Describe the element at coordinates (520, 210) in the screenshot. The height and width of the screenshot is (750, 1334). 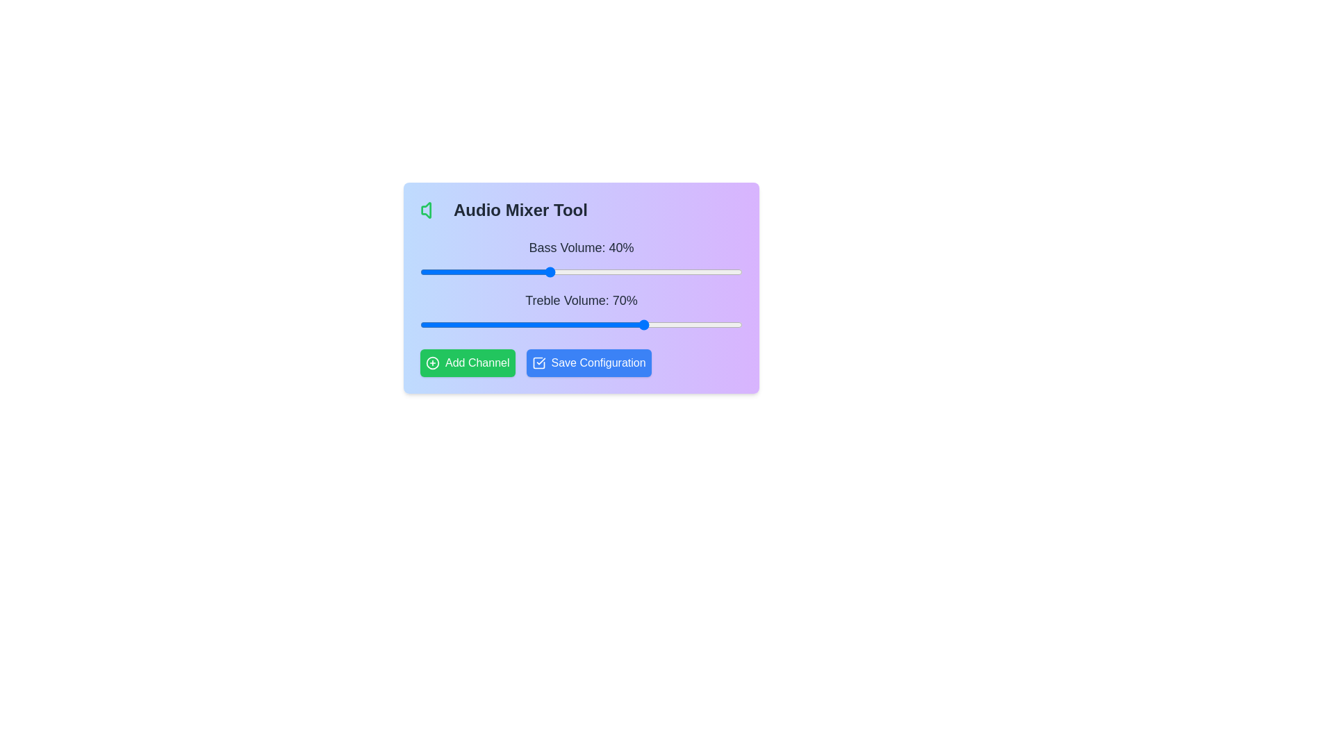
I see `the bold text label displaying 'Audio Mixer Tool' which is prominently positioned on a light purple background` at that location.